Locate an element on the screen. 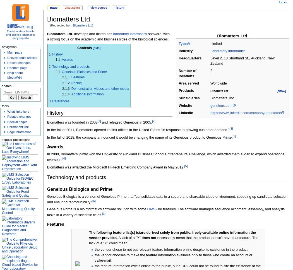 This screenshot has height=270, width=293. 'software, with a strong focus on the academic and business sides of the biological sciences.' is located at coordinates (108, 36).